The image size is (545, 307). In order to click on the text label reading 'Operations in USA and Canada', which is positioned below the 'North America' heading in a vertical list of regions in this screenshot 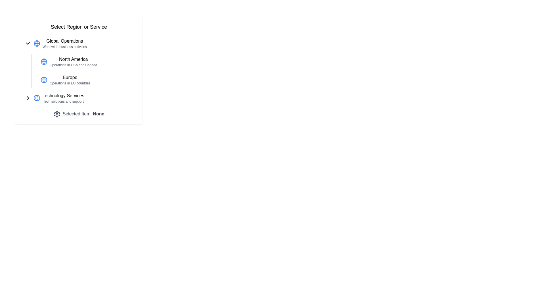, I will do `click(73, 65)`.